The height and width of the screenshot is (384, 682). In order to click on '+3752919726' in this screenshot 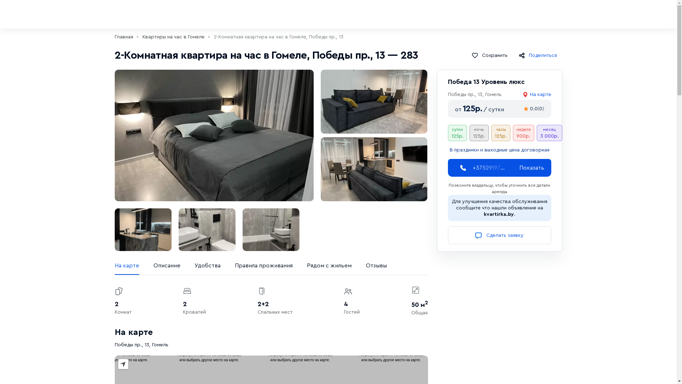, I will do `click(472, 167)`.